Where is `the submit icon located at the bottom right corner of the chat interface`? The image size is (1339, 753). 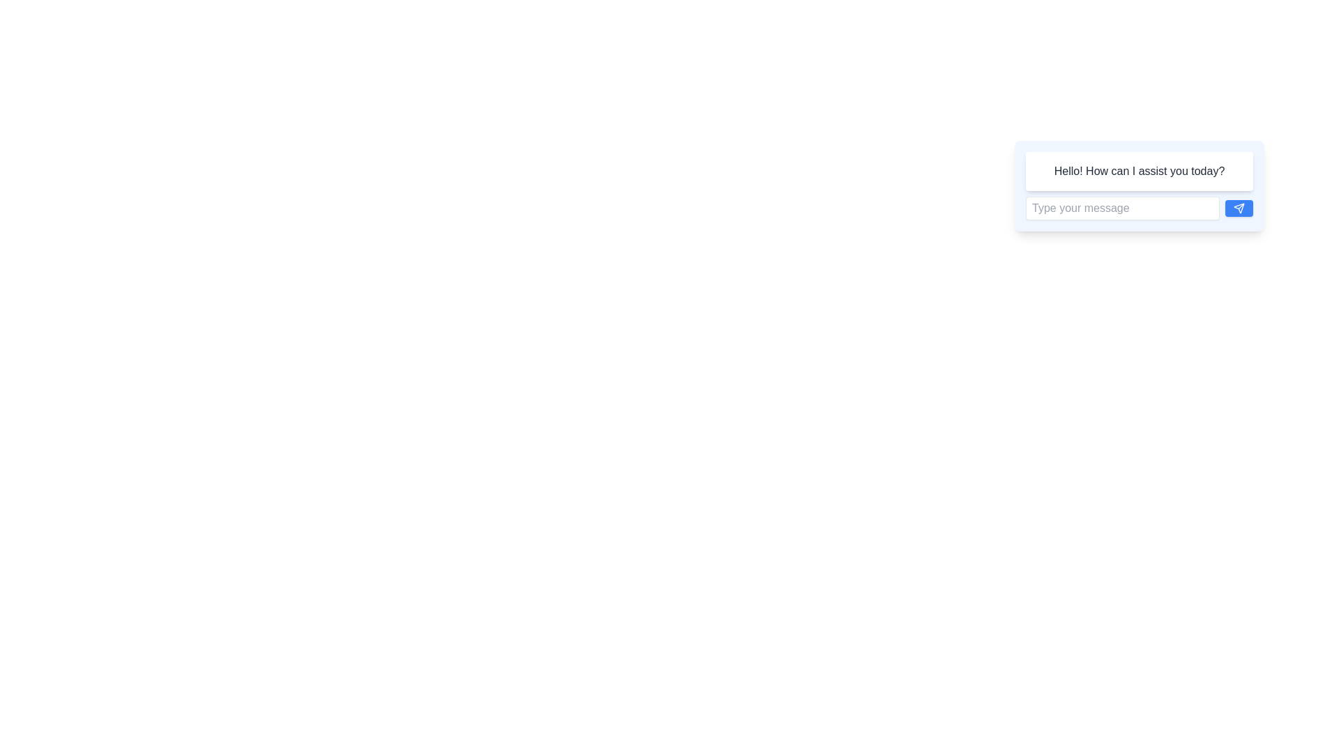
the submit icon located at the bottom right corner of the chat interface is located at coordinates (1239, 208).